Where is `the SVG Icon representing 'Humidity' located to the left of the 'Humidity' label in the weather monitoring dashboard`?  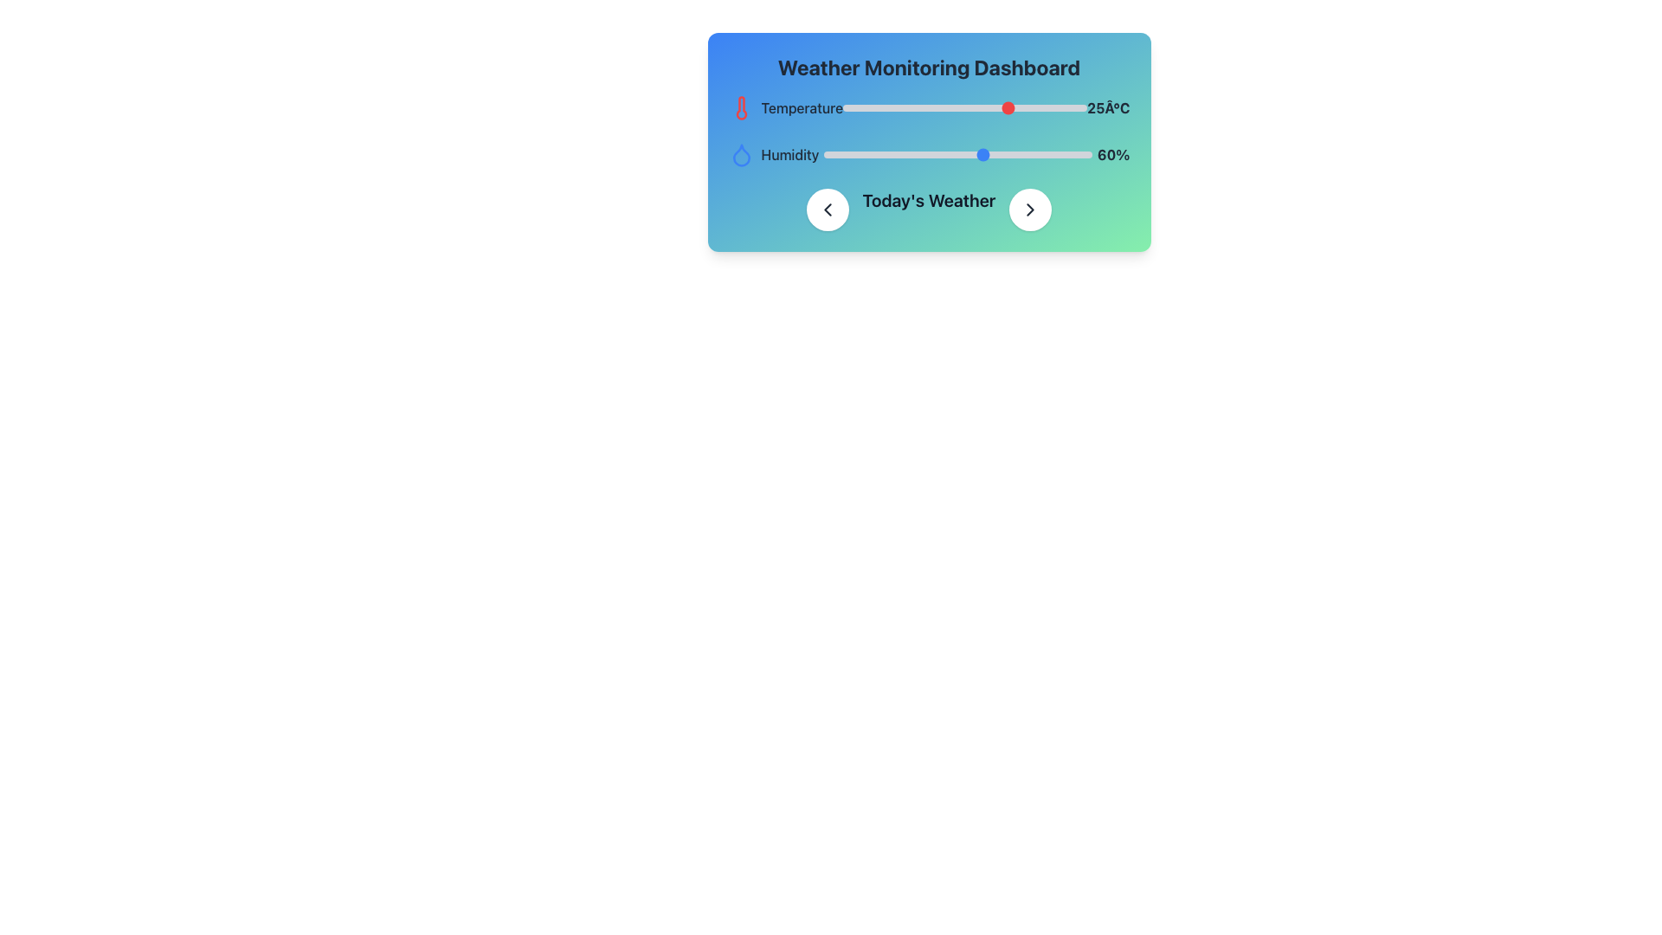 the SVG Icon representing 'Humidity' located to the left of the 'Humidity' label in the weather monitoring dashboard is located at coordinates (741, 154).